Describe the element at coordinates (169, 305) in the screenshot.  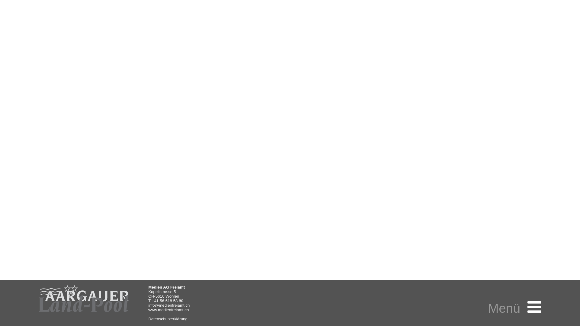
I see `'info@medienfreiamt.ch'` at that location.